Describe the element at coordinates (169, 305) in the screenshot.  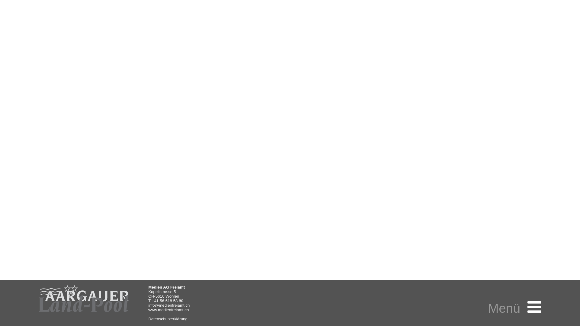
I see `'info@medienfreiamt.ch'` at that location.